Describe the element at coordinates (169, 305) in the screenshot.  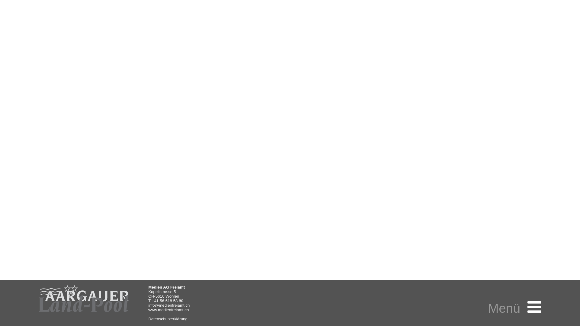
I see `'info@medienfreiamt.ch'` at that location.